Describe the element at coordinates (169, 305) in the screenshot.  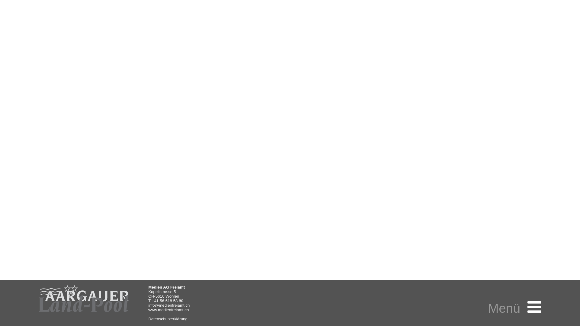
I see `'info@medienfreiamt.ch'` at that location.